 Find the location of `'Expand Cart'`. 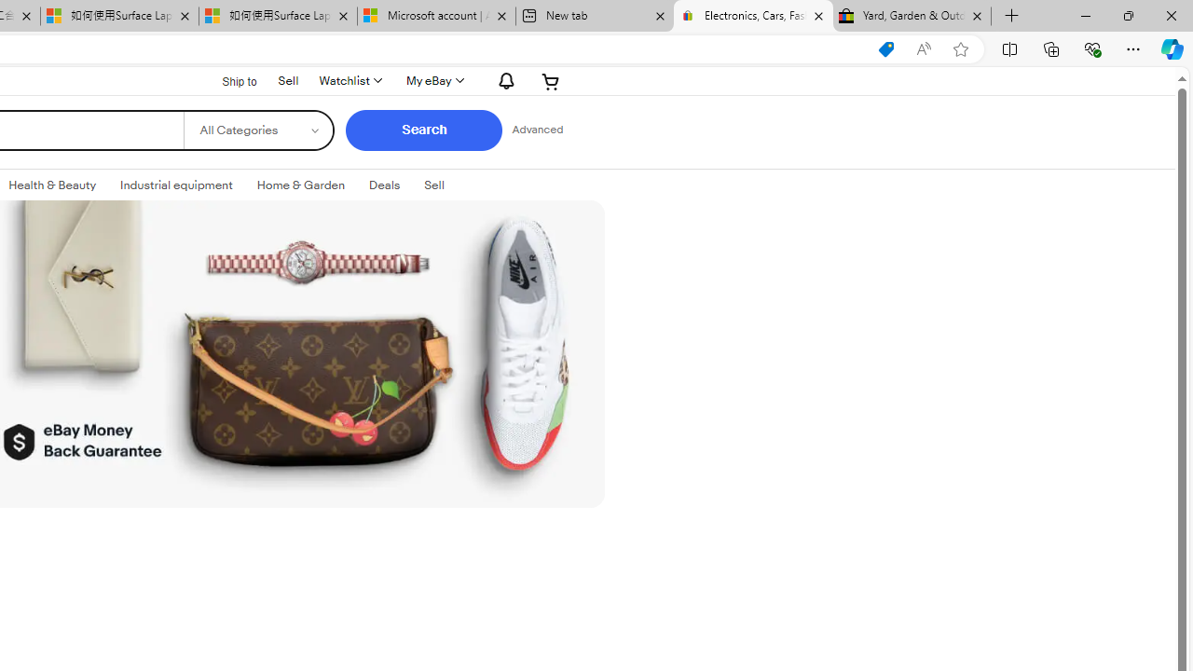

'Expand Cart' is located at coordinates (550, 79).